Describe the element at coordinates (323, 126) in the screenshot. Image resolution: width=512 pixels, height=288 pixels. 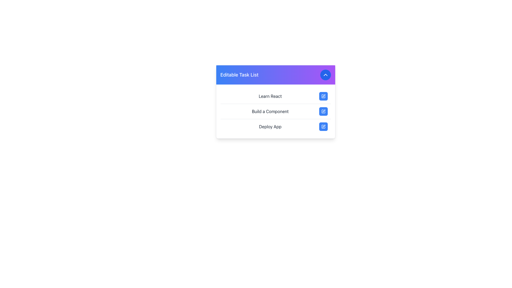
I see `the third blue button in the 'Editable Task List' card that allows editing the task 'Deploy App'` at that location.